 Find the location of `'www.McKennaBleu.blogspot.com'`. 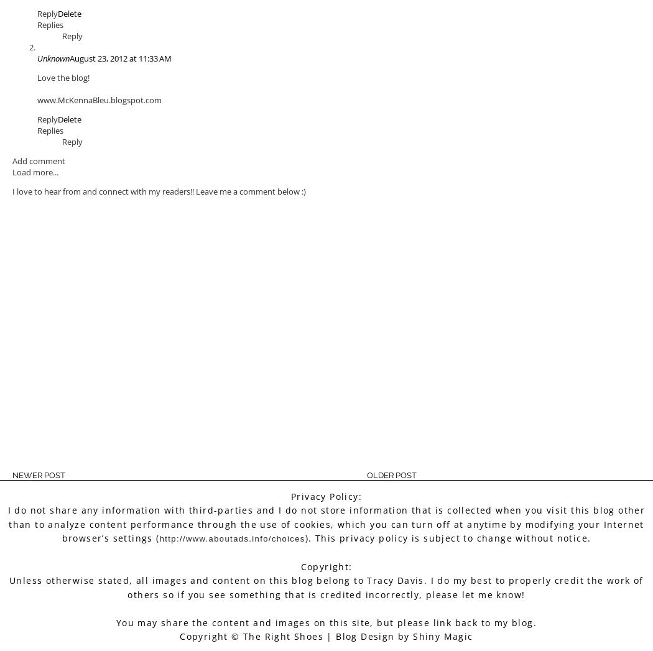

'www.McKennaBleu.blogspot.com' is located at coordinates (100, 100).